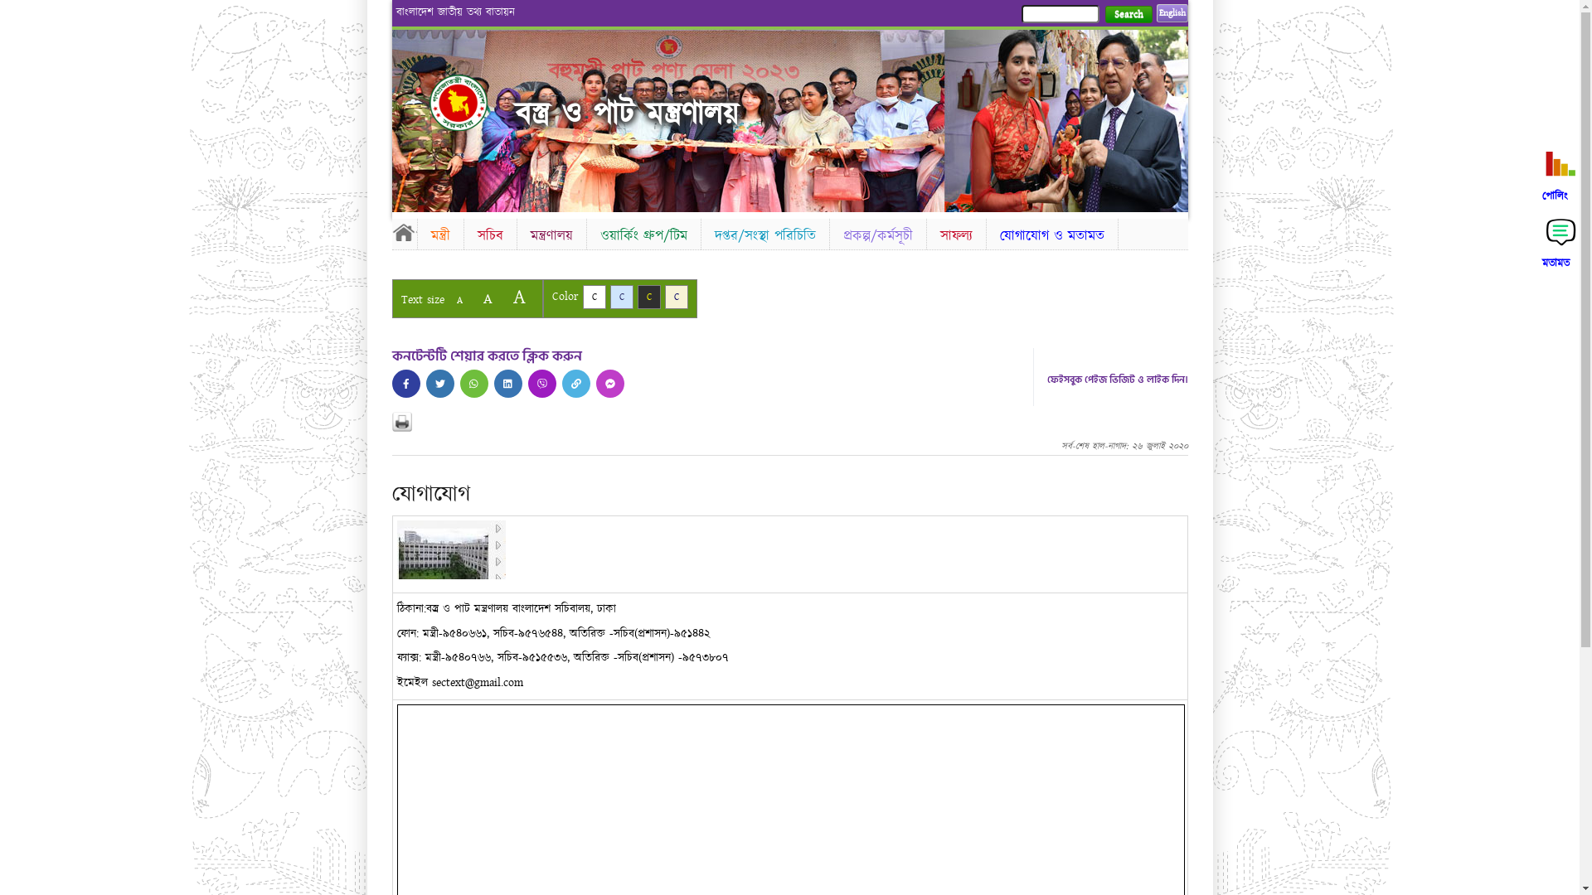 The height and width of the screenshot is (895, 1592). What do you see at coordinates (486, 298) in the screenshot?
I see `'A'` at bounding box center [486, 298].